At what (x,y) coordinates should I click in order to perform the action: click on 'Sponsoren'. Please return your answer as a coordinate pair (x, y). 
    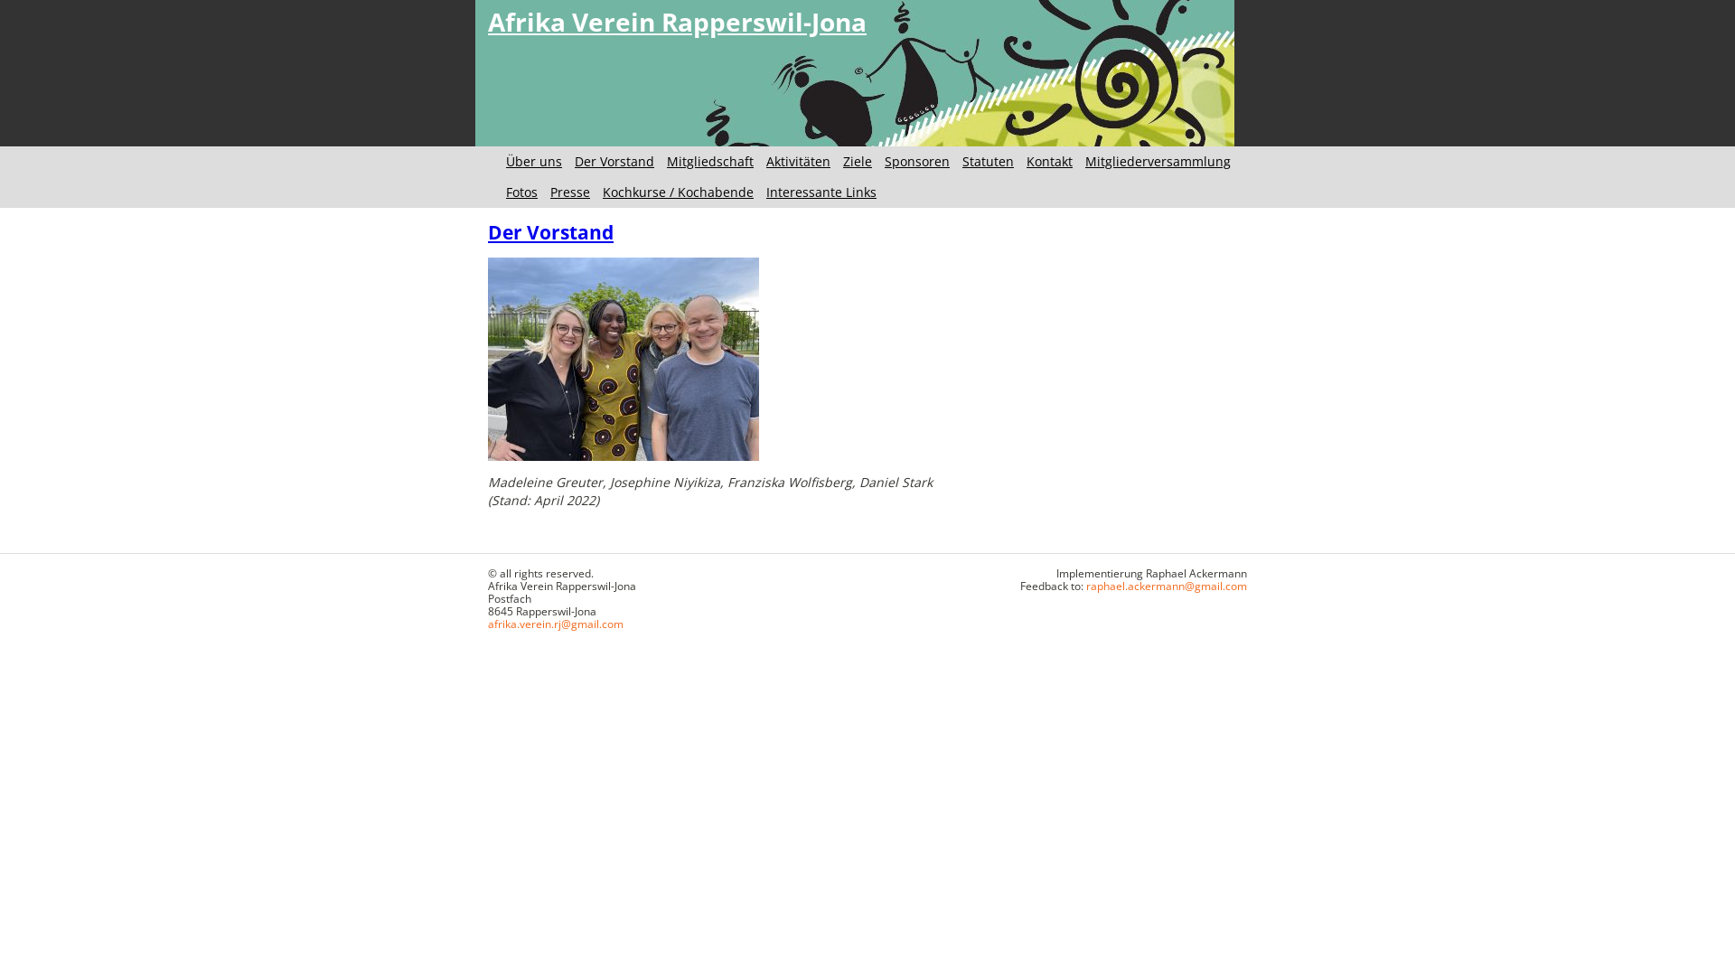
    Looking at the image, I should click on (916, 160).